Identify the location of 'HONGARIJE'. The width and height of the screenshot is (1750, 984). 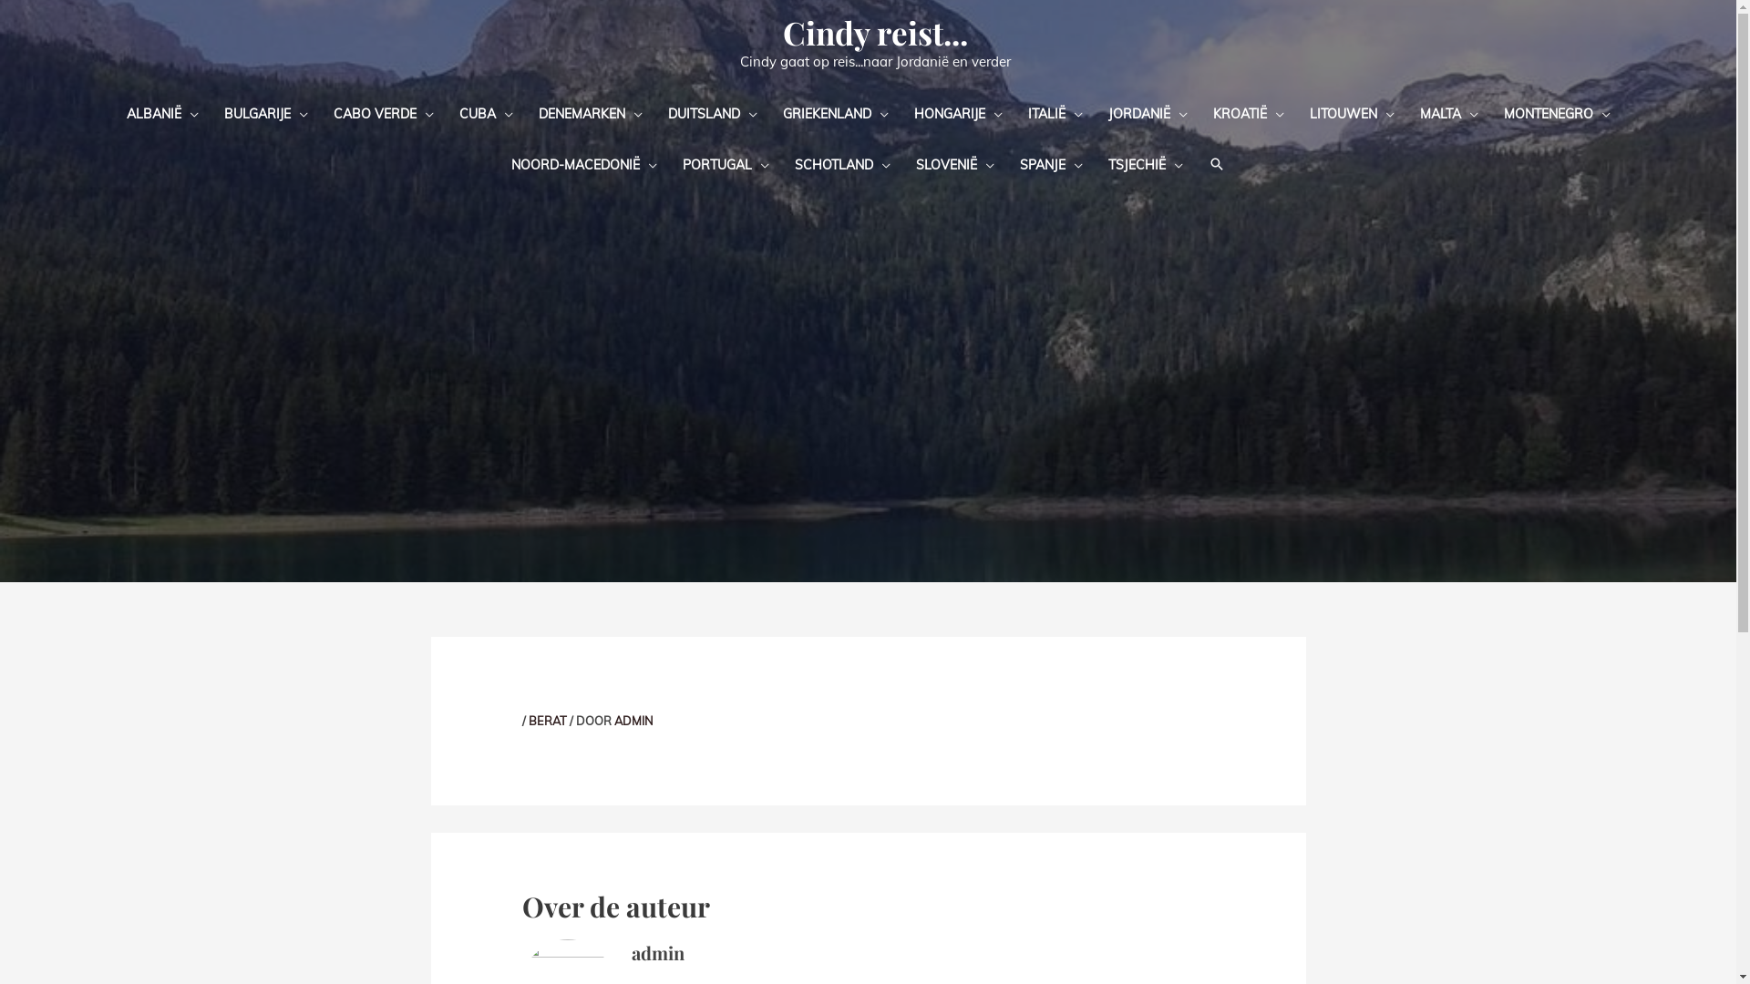
(901, 112).